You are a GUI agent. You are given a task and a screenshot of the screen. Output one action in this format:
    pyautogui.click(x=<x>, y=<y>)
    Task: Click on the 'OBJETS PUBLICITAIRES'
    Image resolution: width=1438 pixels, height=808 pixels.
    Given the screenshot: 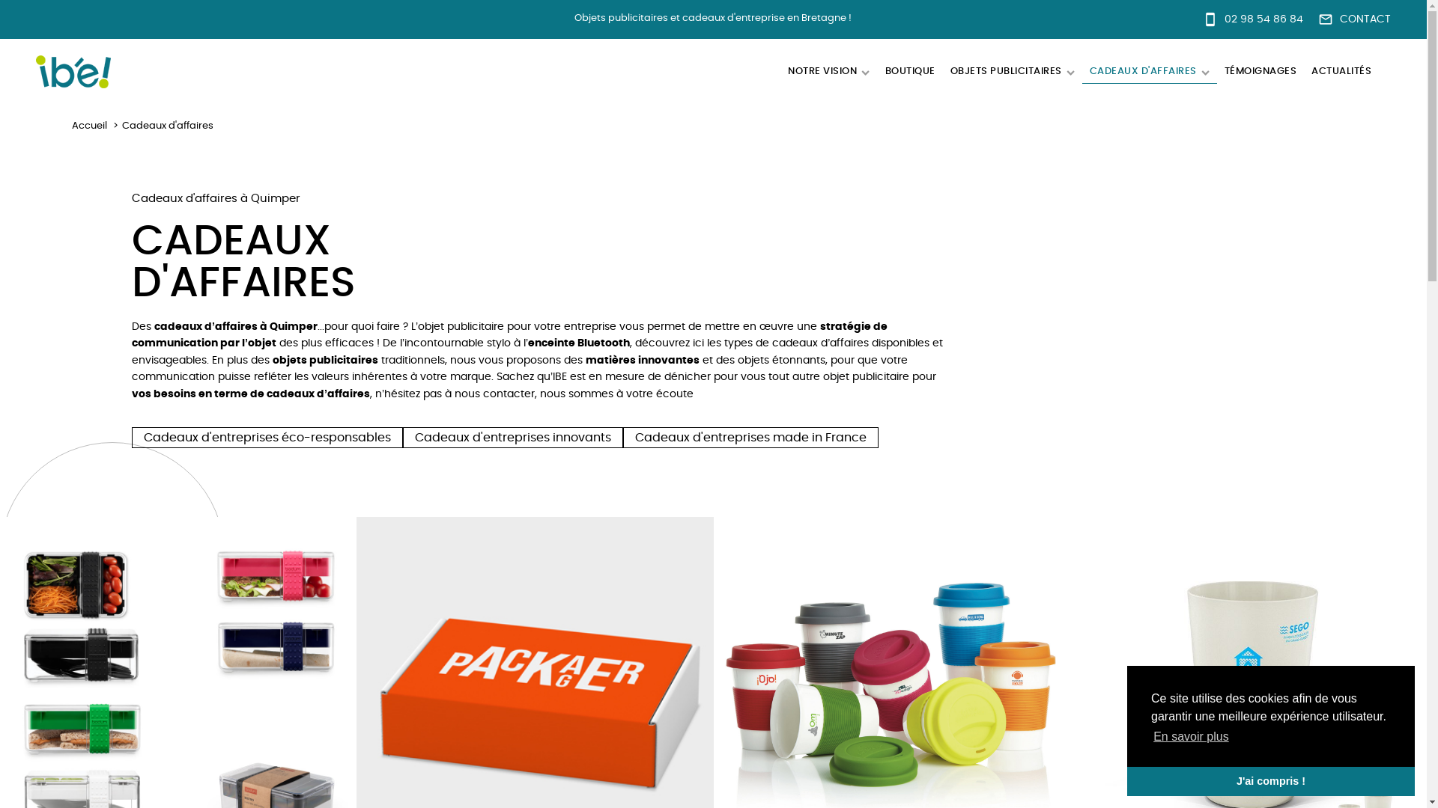 What is the action you would take?
    pyautogui.click(x=1011, y=72)
    